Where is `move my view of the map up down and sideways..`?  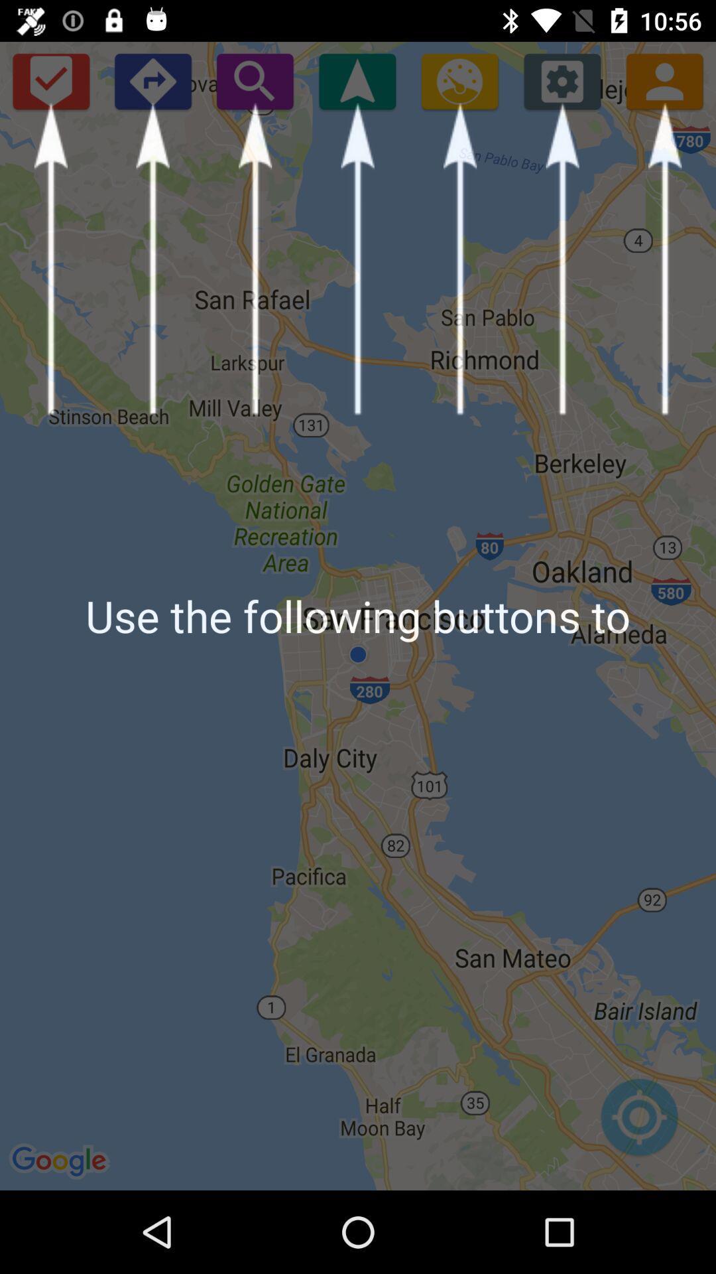
move my view of the map up down and sideways.. is located at coordinates (638, 1123).